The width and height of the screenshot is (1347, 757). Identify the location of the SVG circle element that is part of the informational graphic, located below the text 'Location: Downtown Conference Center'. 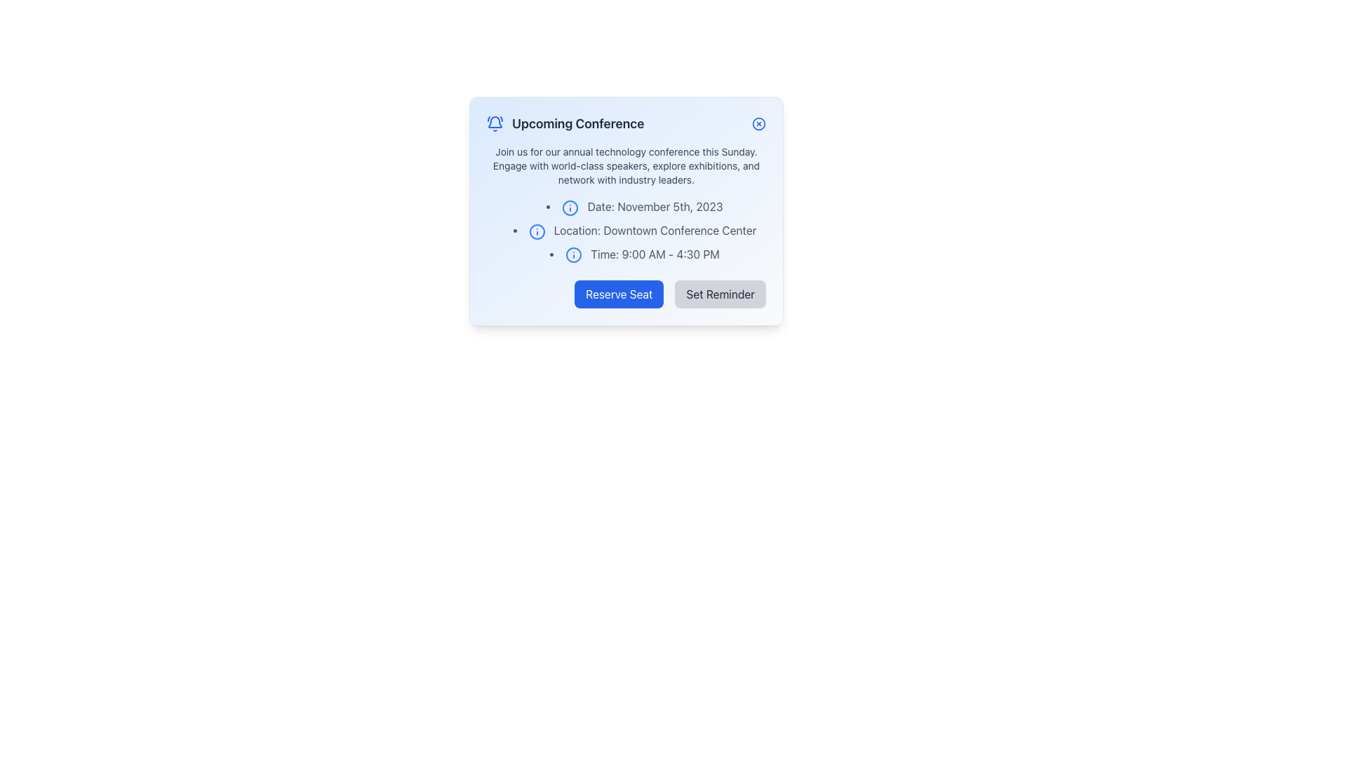
(574, 255).